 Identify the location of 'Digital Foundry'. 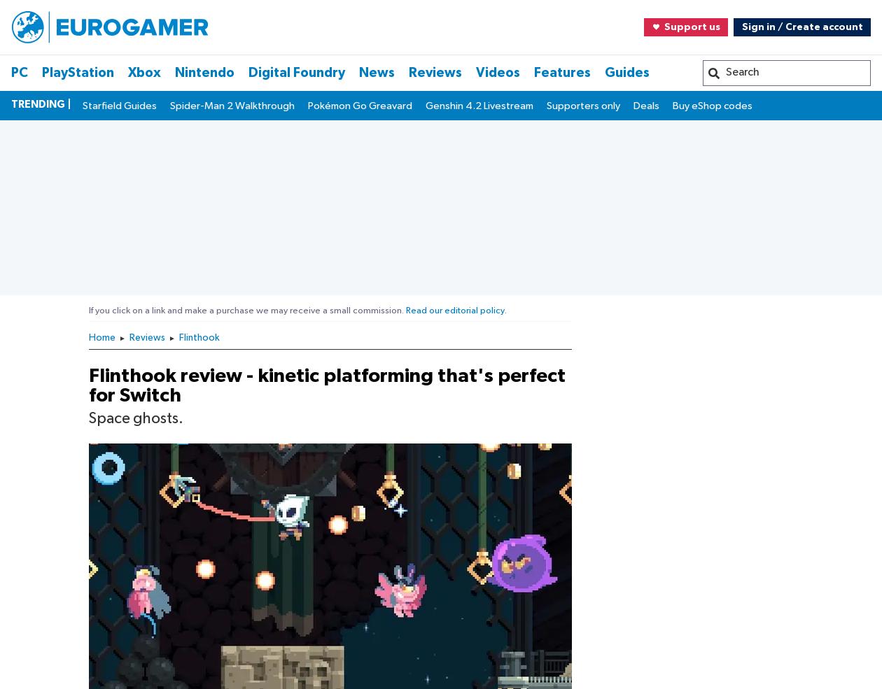
(62, 495).